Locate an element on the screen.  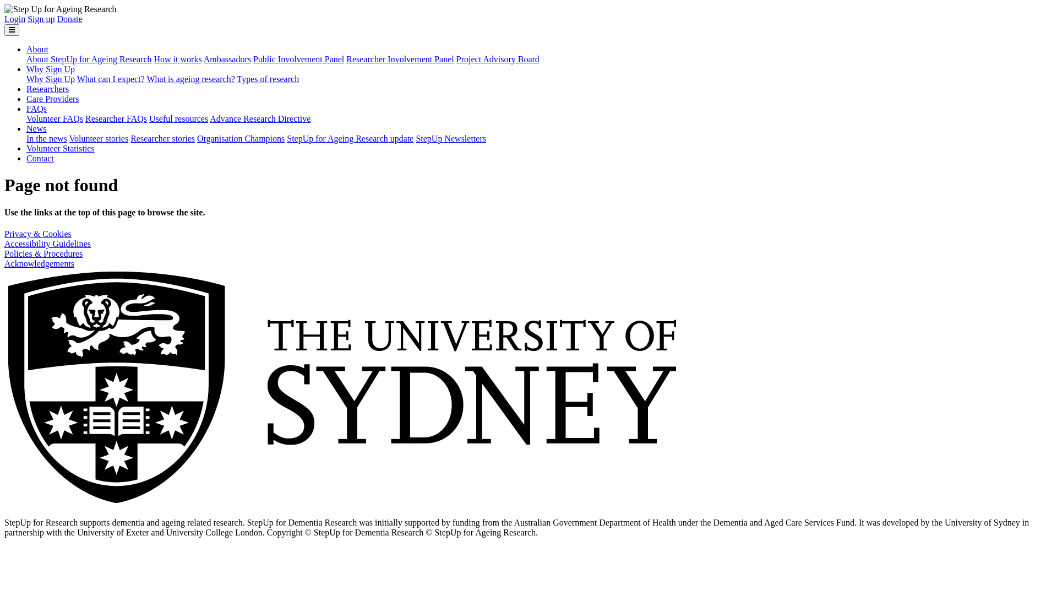
'In the news' is located at coordinates (26, 138).